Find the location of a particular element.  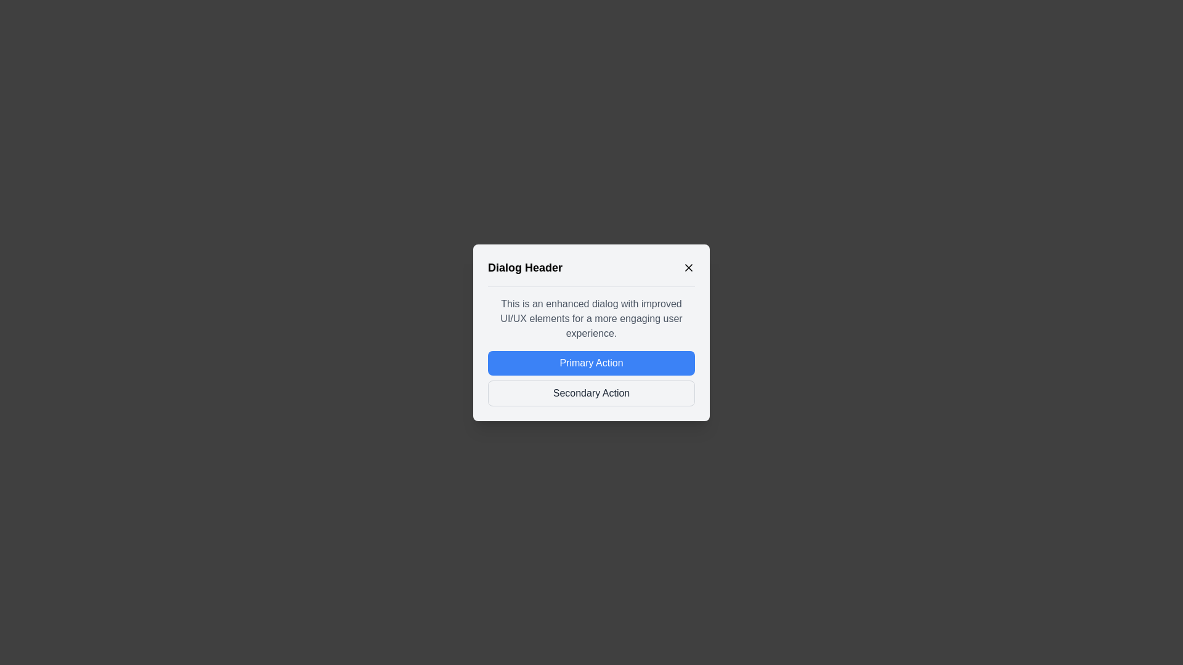

the close button to close the dialog is located at coordinates (688, 267).